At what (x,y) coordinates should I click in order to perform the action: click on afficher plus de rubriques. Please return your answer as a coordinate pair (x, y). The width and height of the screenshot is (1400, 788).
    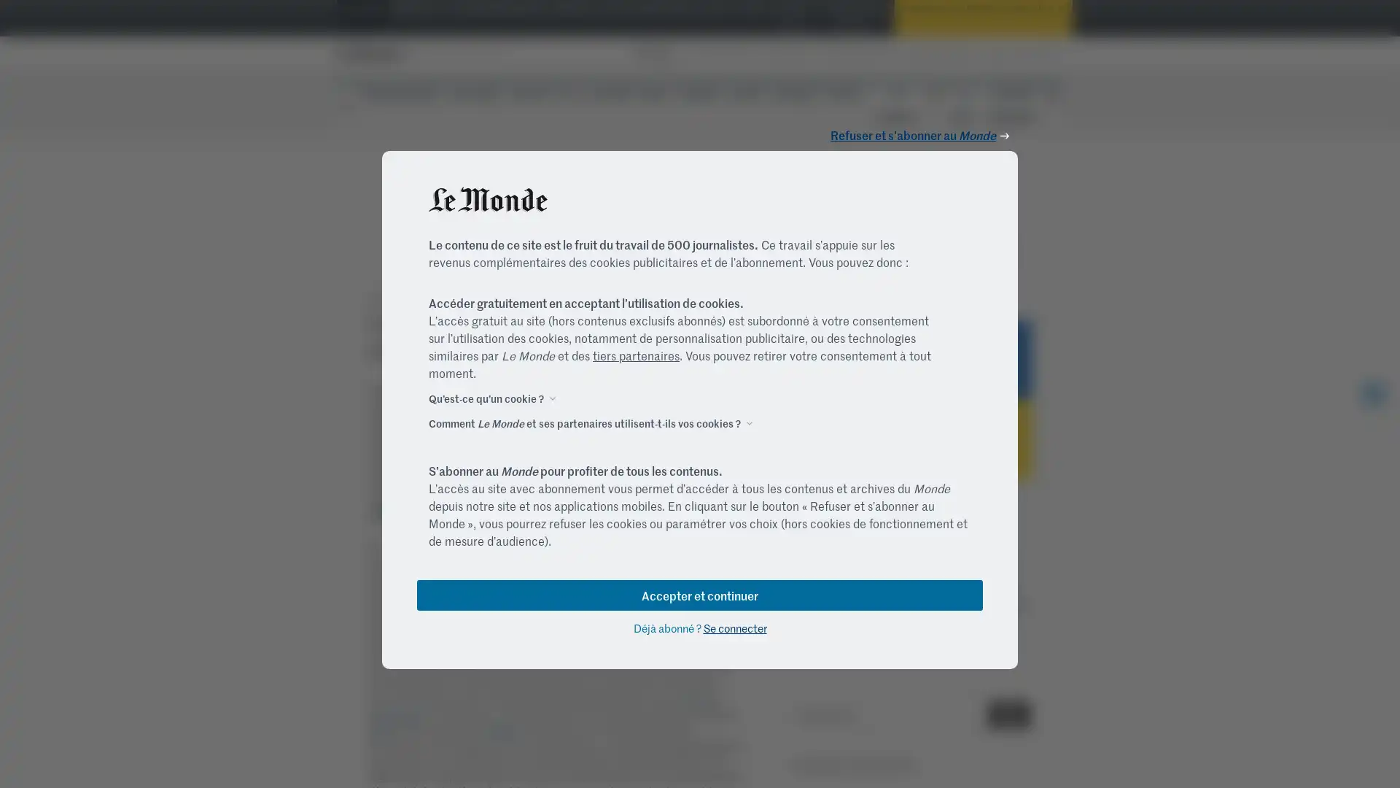
    Looking at the image, I should click on (1052, 95).